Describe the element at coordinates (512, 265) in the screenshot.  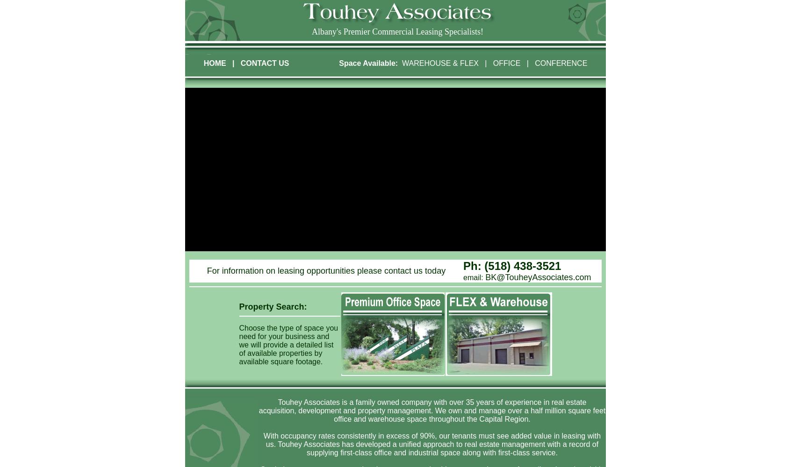
I see `'Ph: (518) 438-3521'` at that location.